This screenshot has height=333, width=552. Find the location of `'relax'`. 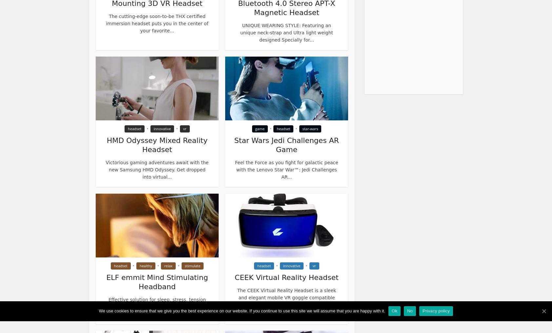

'relax' is located at coordinates (168, 266).